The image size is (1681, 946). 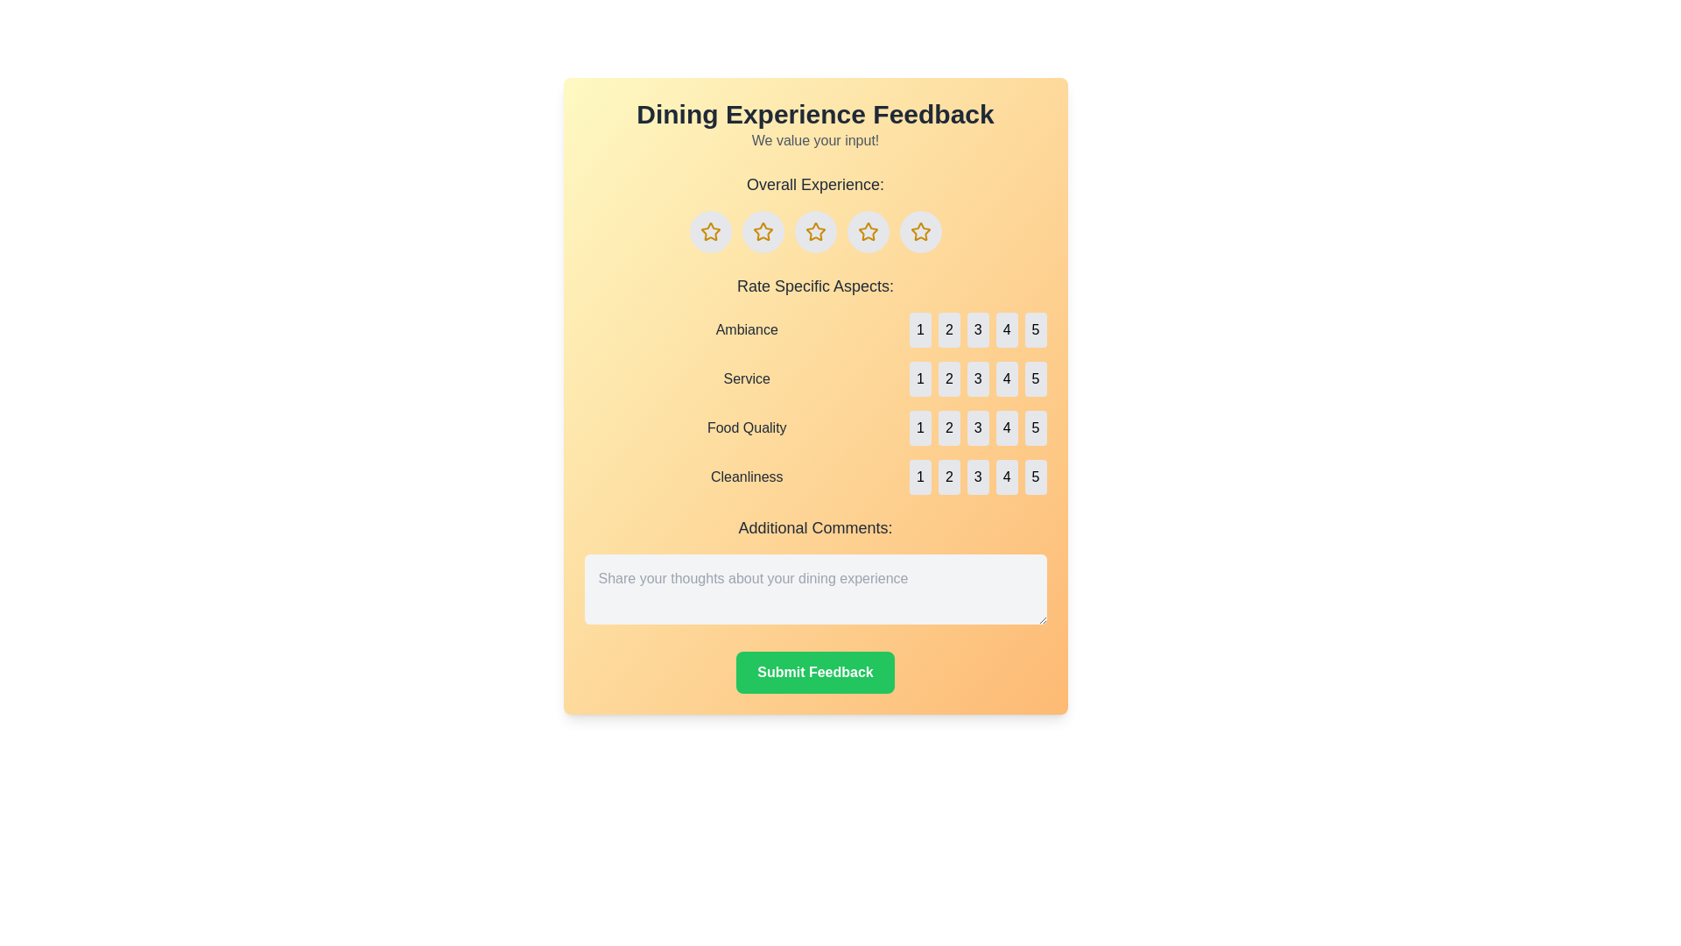 What do you see at coordinates (977, 330) in the screenshot?
I see `the square button with a light gray background and a black number '3' at its center` at bounding box center [977, 330].